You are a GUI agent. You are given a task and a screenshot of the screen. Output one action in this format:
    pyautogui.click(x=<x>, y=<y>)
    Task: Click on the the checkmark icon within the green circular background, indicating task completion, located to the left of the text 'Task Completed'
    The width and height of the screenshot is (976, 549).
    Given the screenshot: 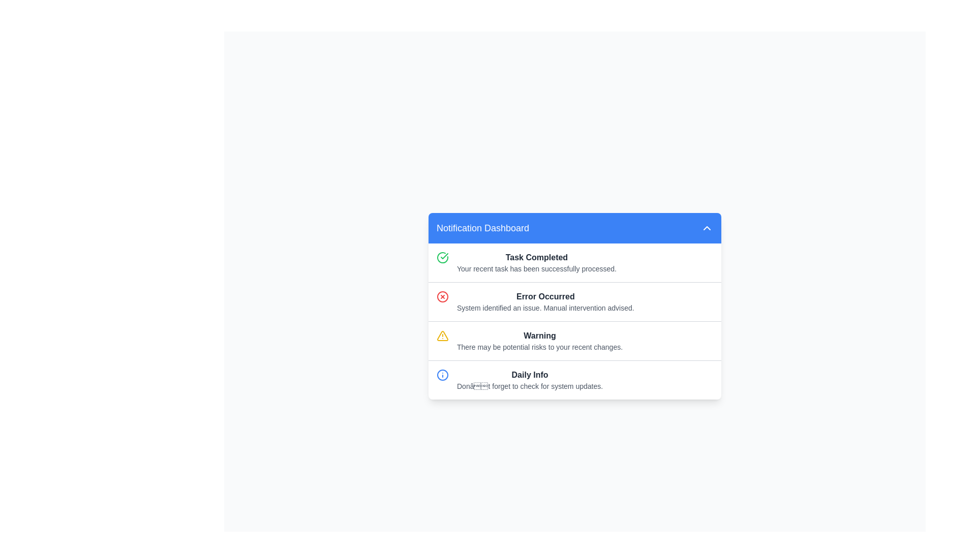 What is the action you would take?
    pyautogui.click(x=444, y=255)
    